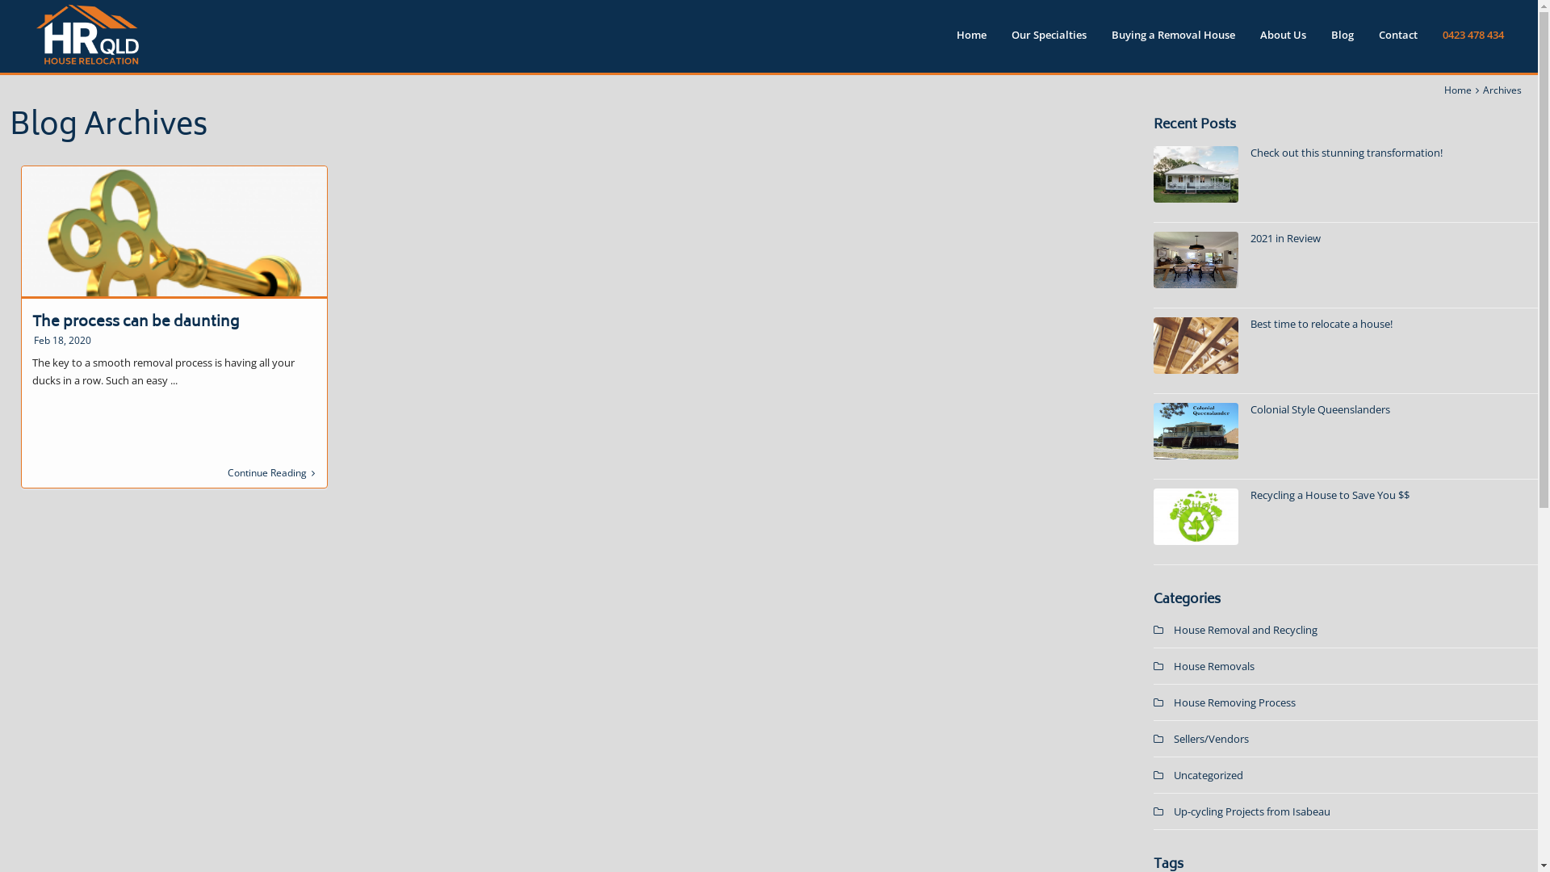  I want to click on 'Contact', so click(1397, 40).